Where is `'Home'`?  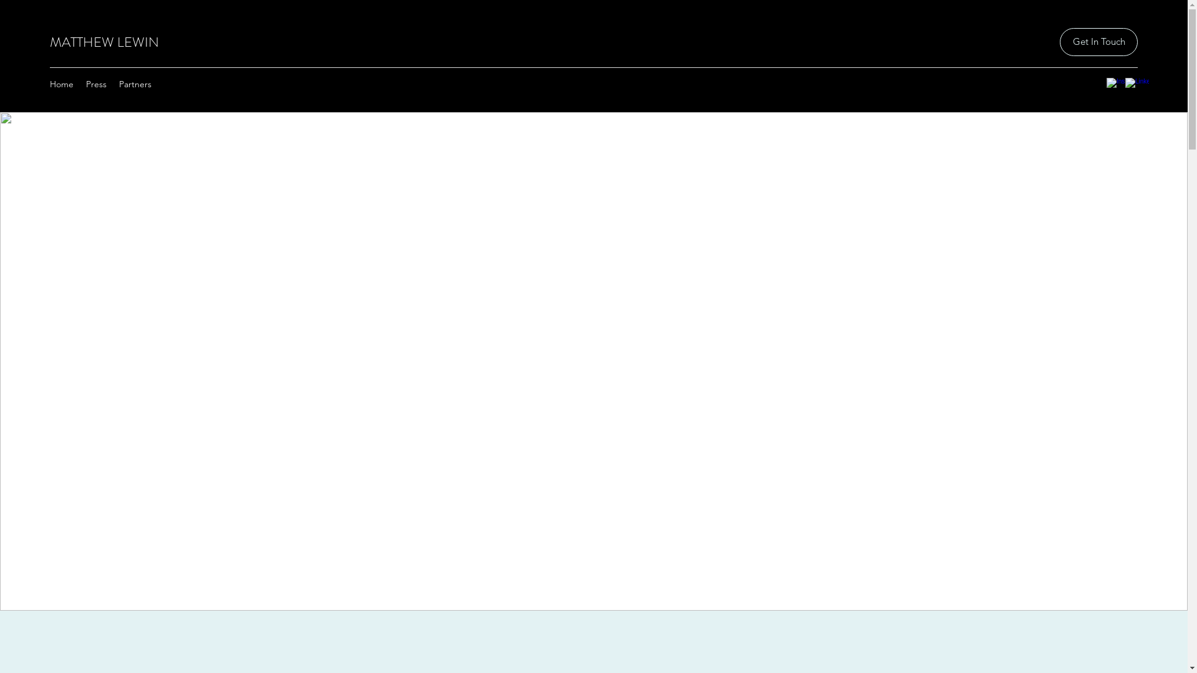
'Home' is located at coordinates (44, 84).